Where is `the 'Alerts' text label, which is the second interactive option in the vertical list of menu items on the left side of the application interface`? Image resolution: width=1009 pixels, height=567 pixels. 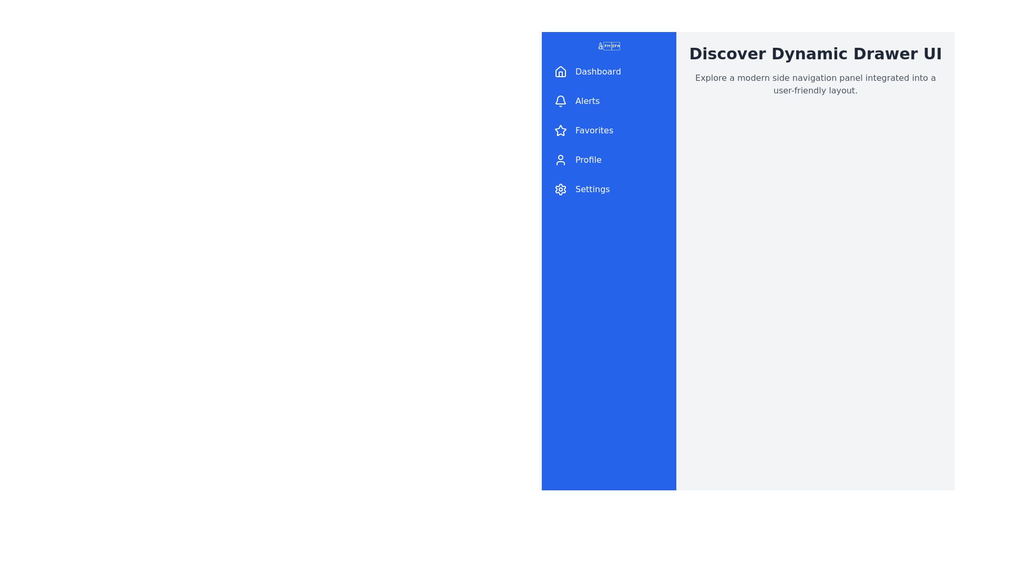
the 'Alerts' text label, which is the second interactive option in the vertical list of menu items on the left side of the application interface is located at coordinates (587, 101).